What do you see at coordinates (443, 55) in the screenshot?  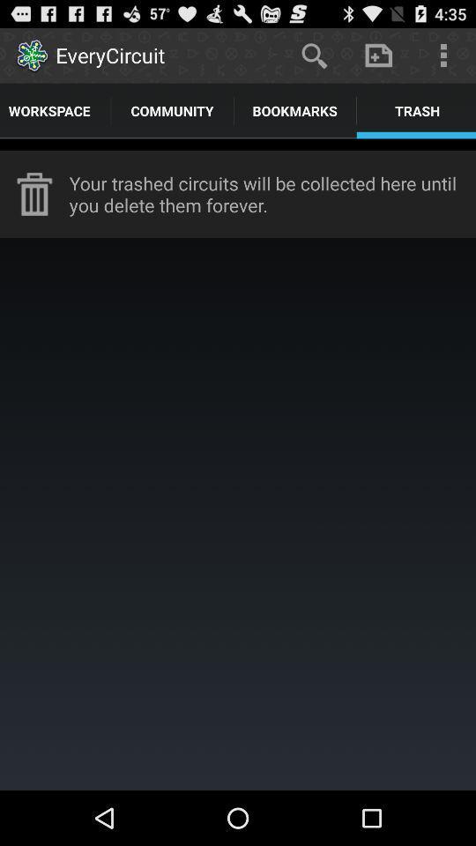 I see `icon above trash` at bounding box center [443, 55].